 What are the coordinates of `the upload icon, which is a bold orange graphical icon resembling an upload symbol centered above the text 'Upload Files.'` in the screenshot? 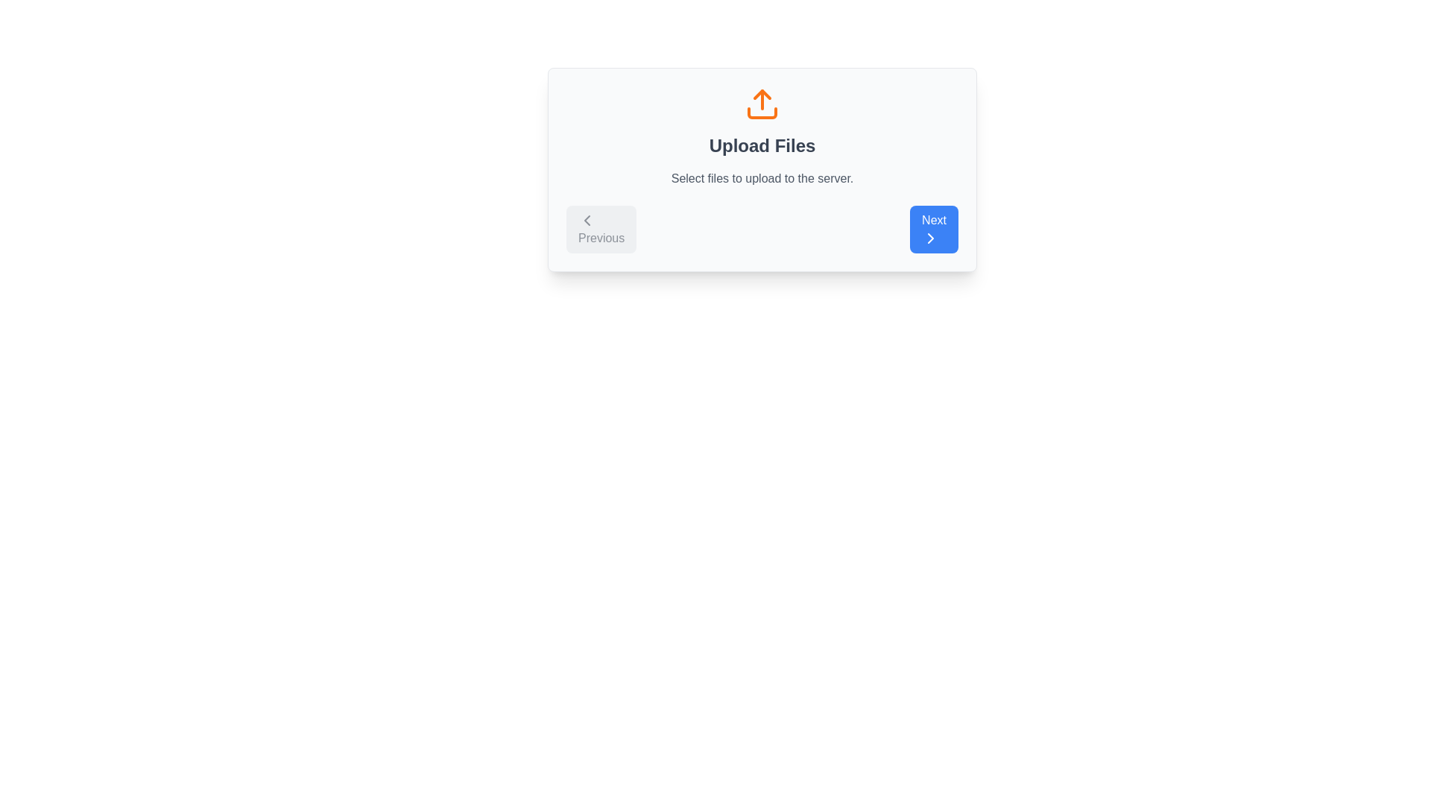 It's located at (762, 103).